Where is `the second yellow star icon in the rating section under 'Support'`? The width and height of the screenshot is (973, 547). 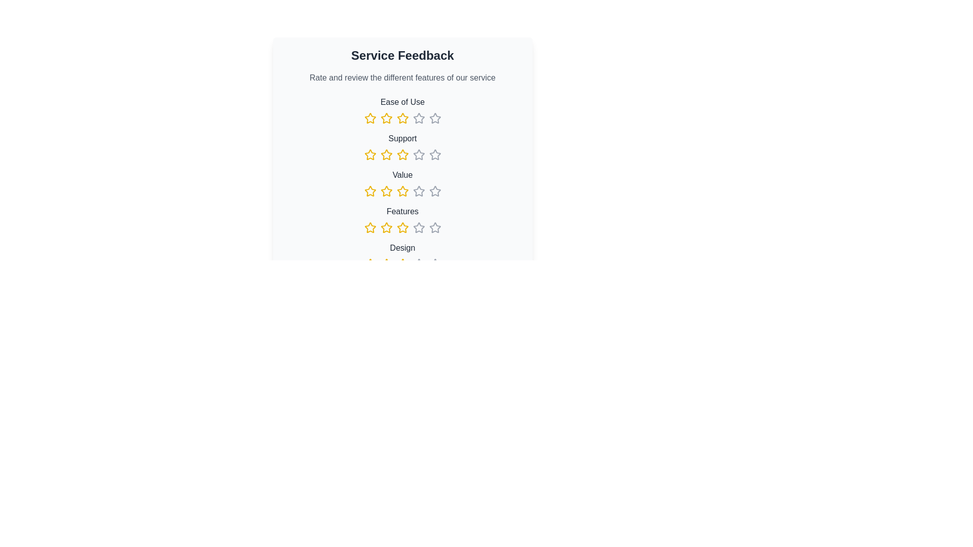 the second yellow star icon in the rating section under 'Support' is located at coordinates (402, 154).